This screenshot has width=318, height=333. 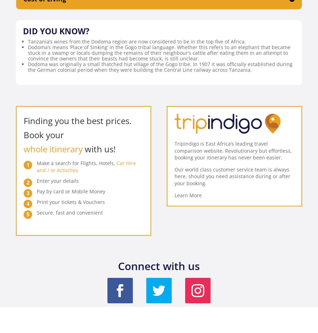 I want to click on 'Tanzania’s wines from the Dodoma region are now considered to be in the top five of Africa.', so click(x=28, y=41).